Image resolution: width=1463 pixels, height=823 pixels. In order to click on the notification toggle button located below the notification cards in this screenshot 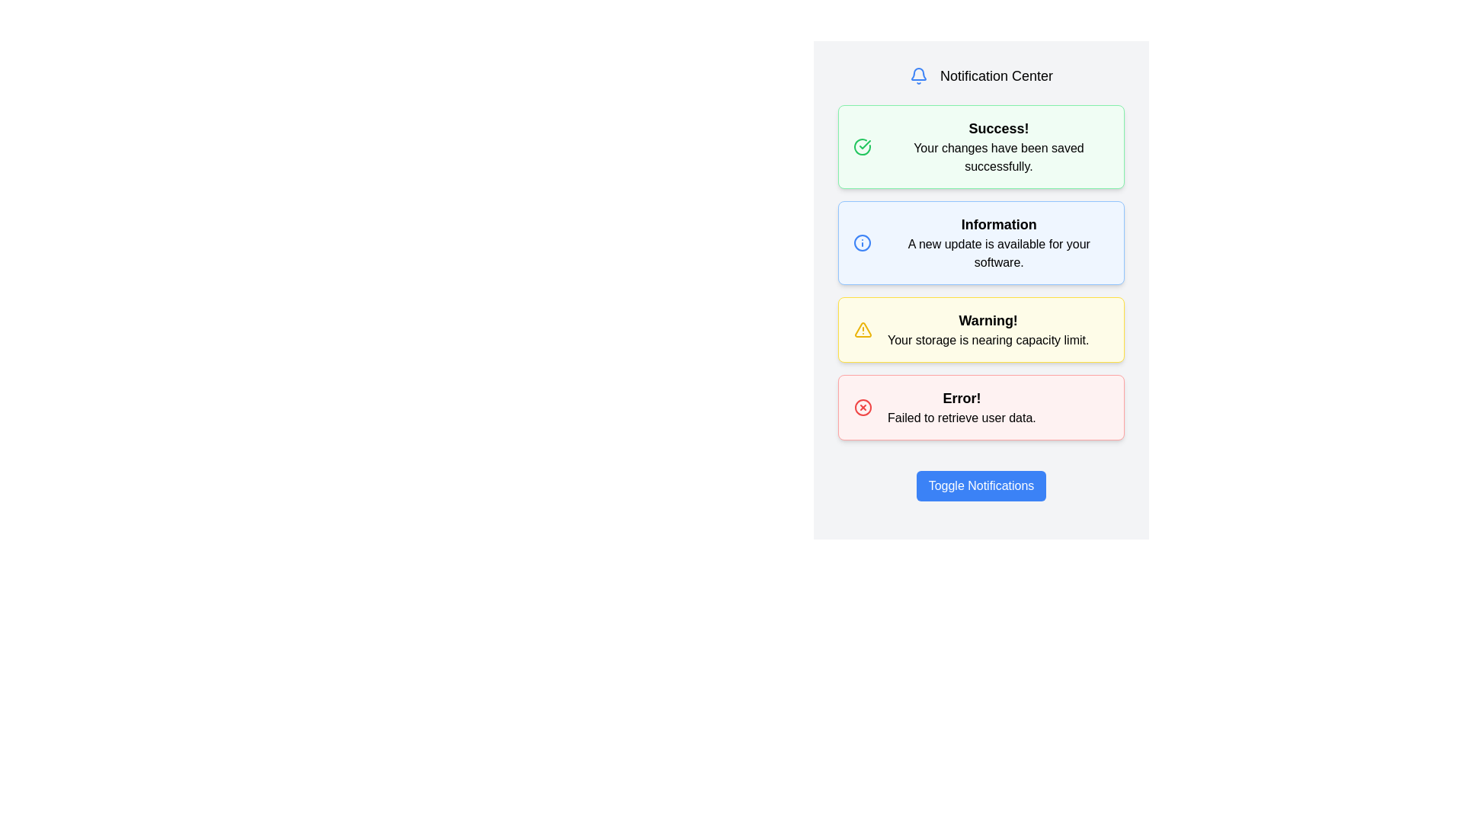, I will do `click(981, 485)`.